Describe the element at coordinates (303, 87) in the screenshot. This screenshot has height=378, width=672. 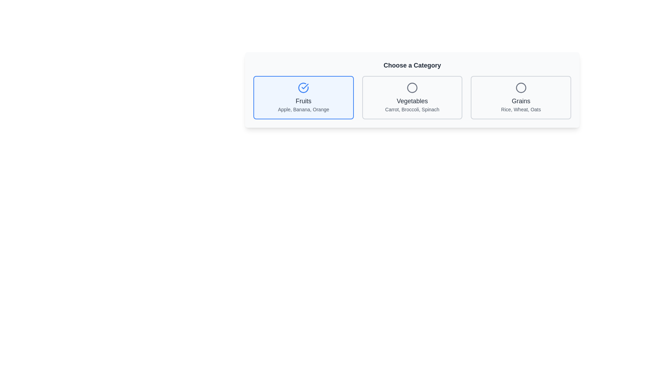
I see `the blue circular checkmark icon within the Fruits category card, located at the top of the leftmost card in the horizontal list` at that location.